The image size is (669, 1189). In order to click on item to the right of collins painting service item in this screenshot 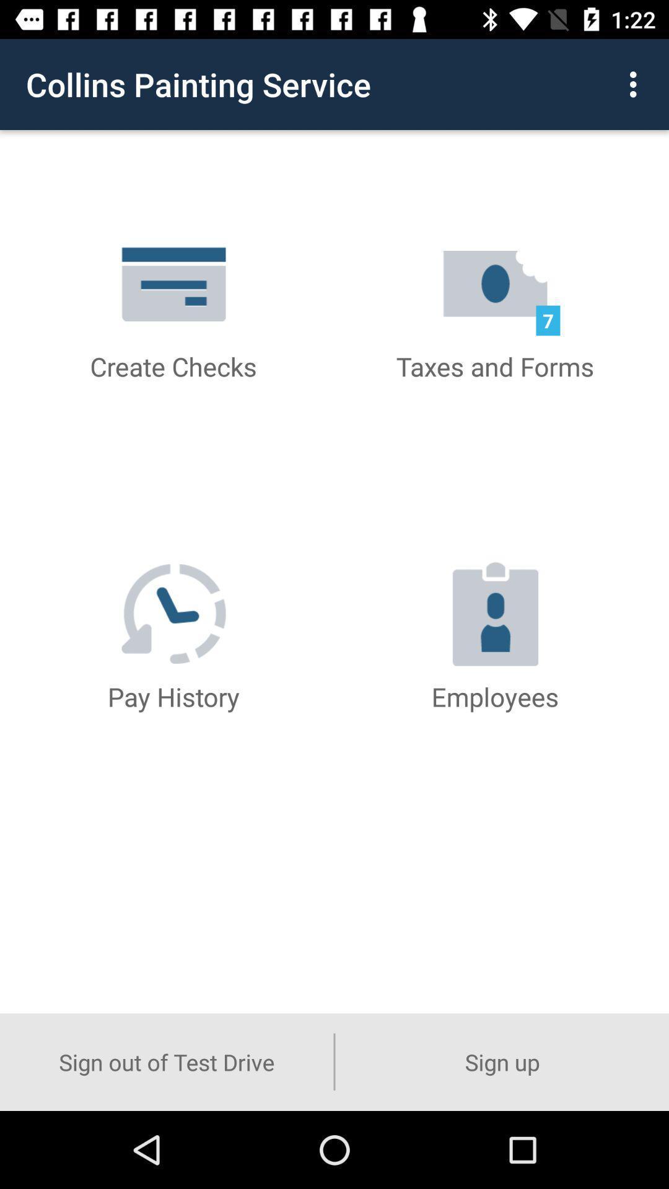, I will do `click(636, 84)`.